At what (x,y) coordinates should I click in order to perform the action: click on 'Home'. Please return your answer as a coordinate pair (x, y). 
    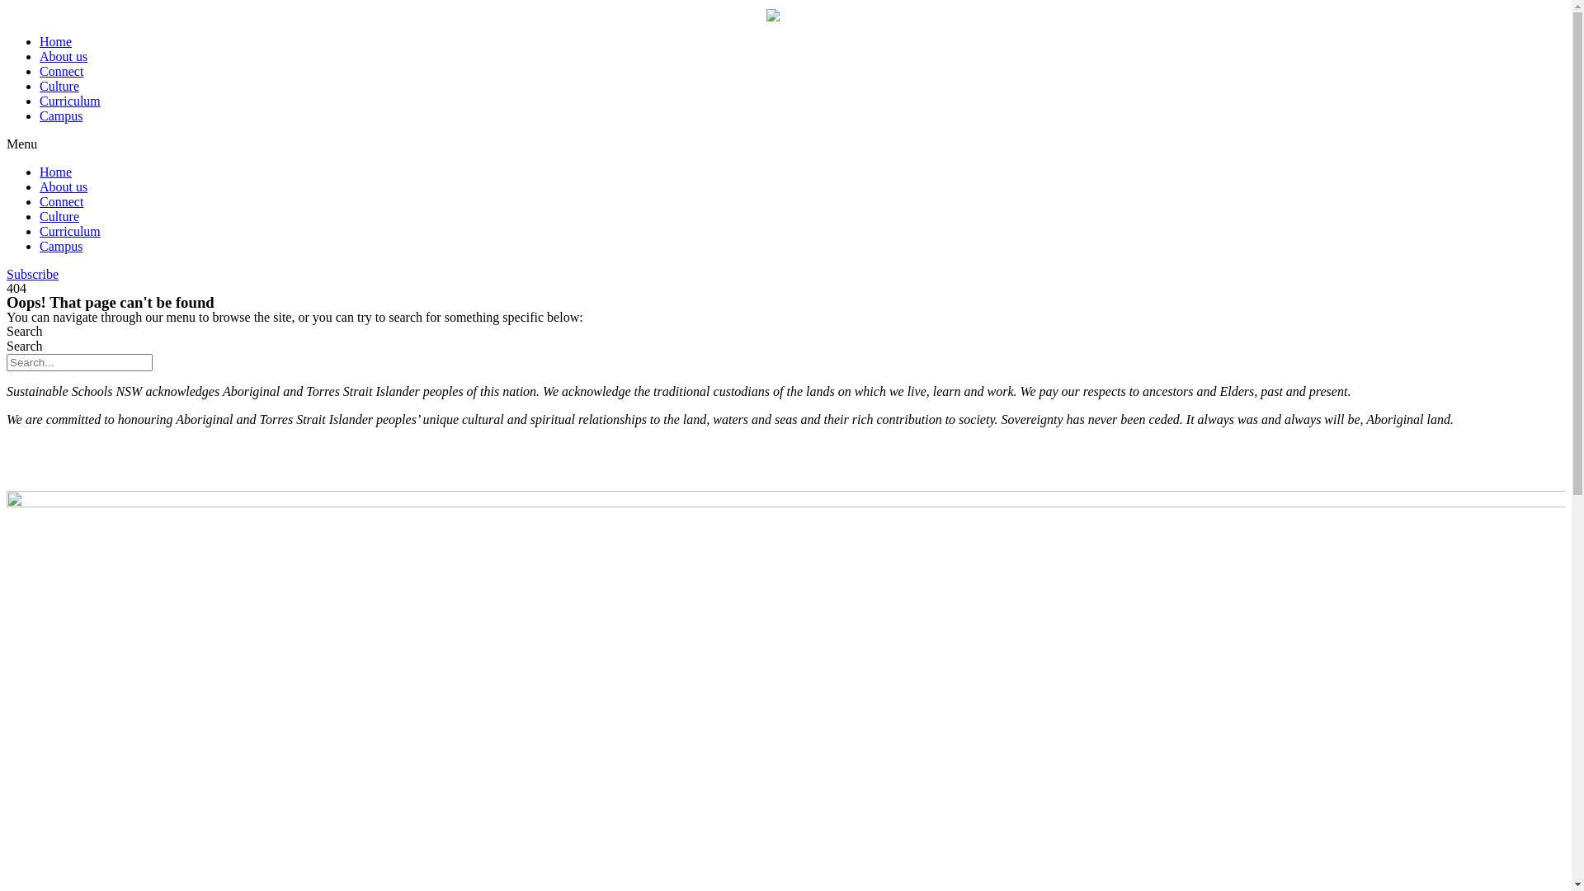
    Looking at the image, I should click on (55, 40).